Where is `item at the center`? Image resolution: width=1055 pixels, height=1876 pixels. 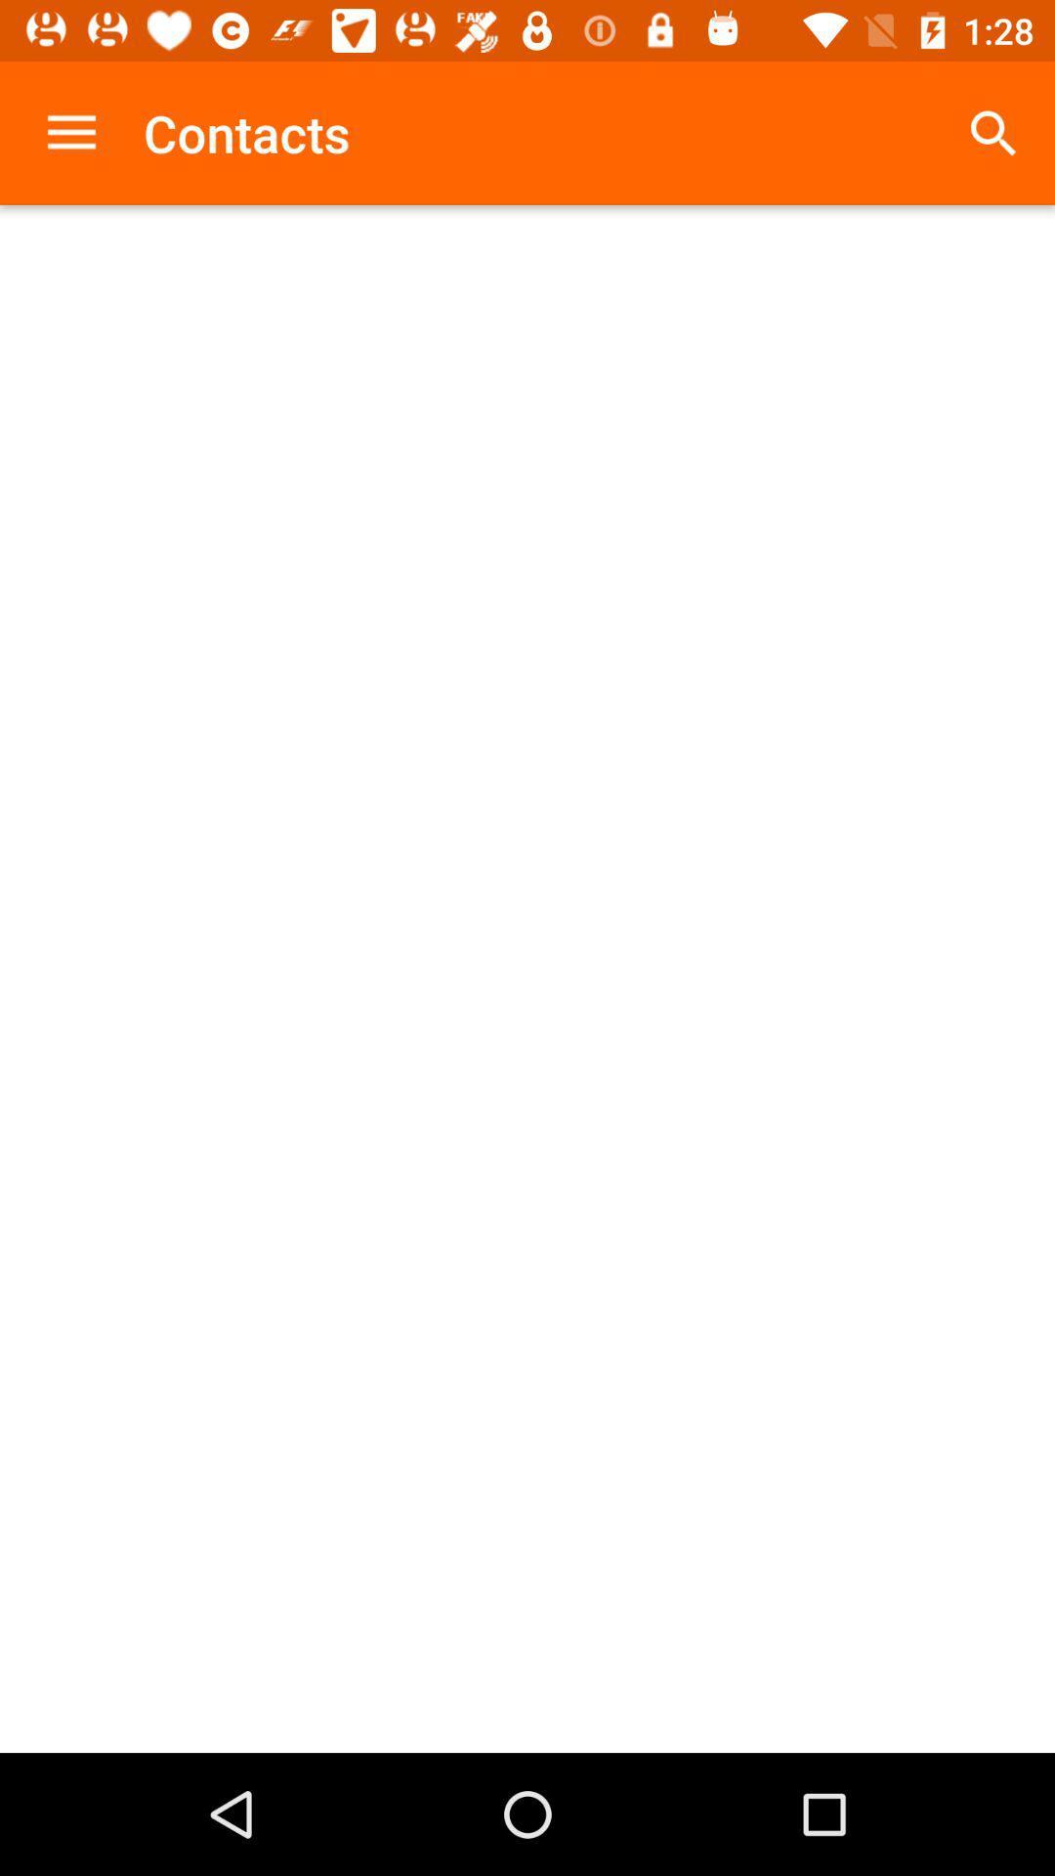
item at the center is located at coordinates (527, 979).